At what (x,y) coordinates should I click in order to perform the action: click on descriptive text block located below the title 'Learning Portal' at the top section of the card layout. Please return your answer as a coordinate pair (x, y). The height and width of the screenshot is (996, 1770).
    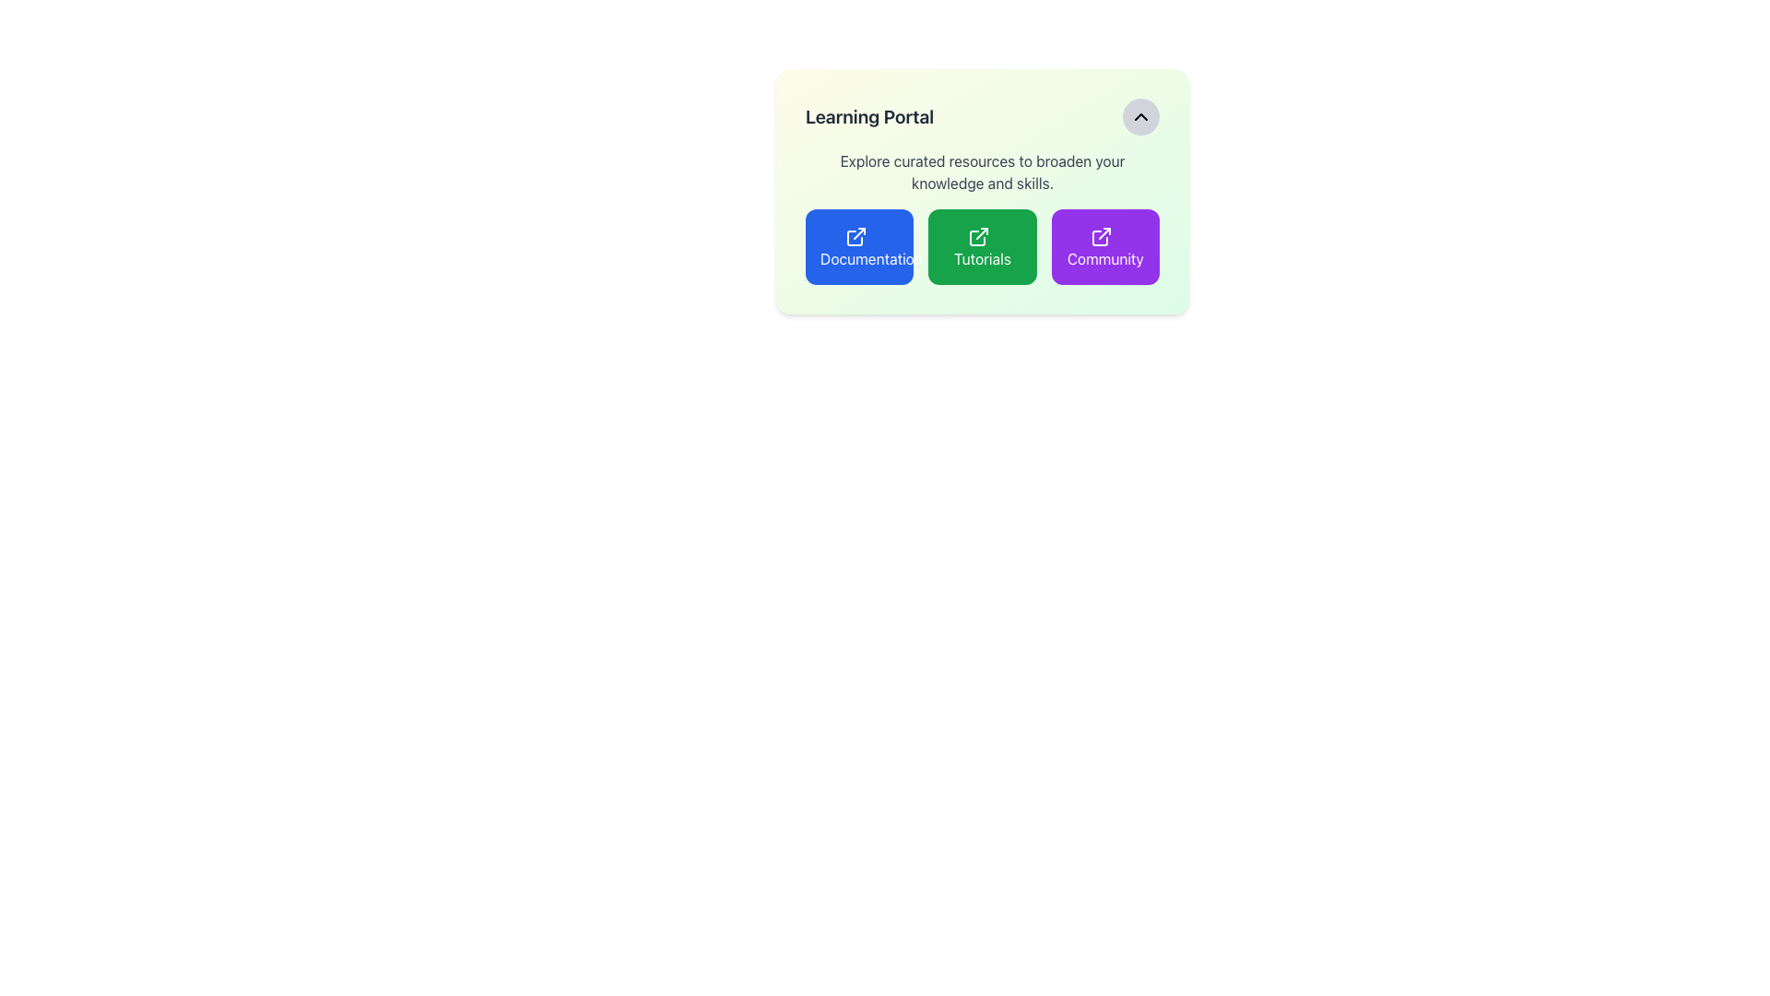
    Looking at the image, I should click on (981, 172).